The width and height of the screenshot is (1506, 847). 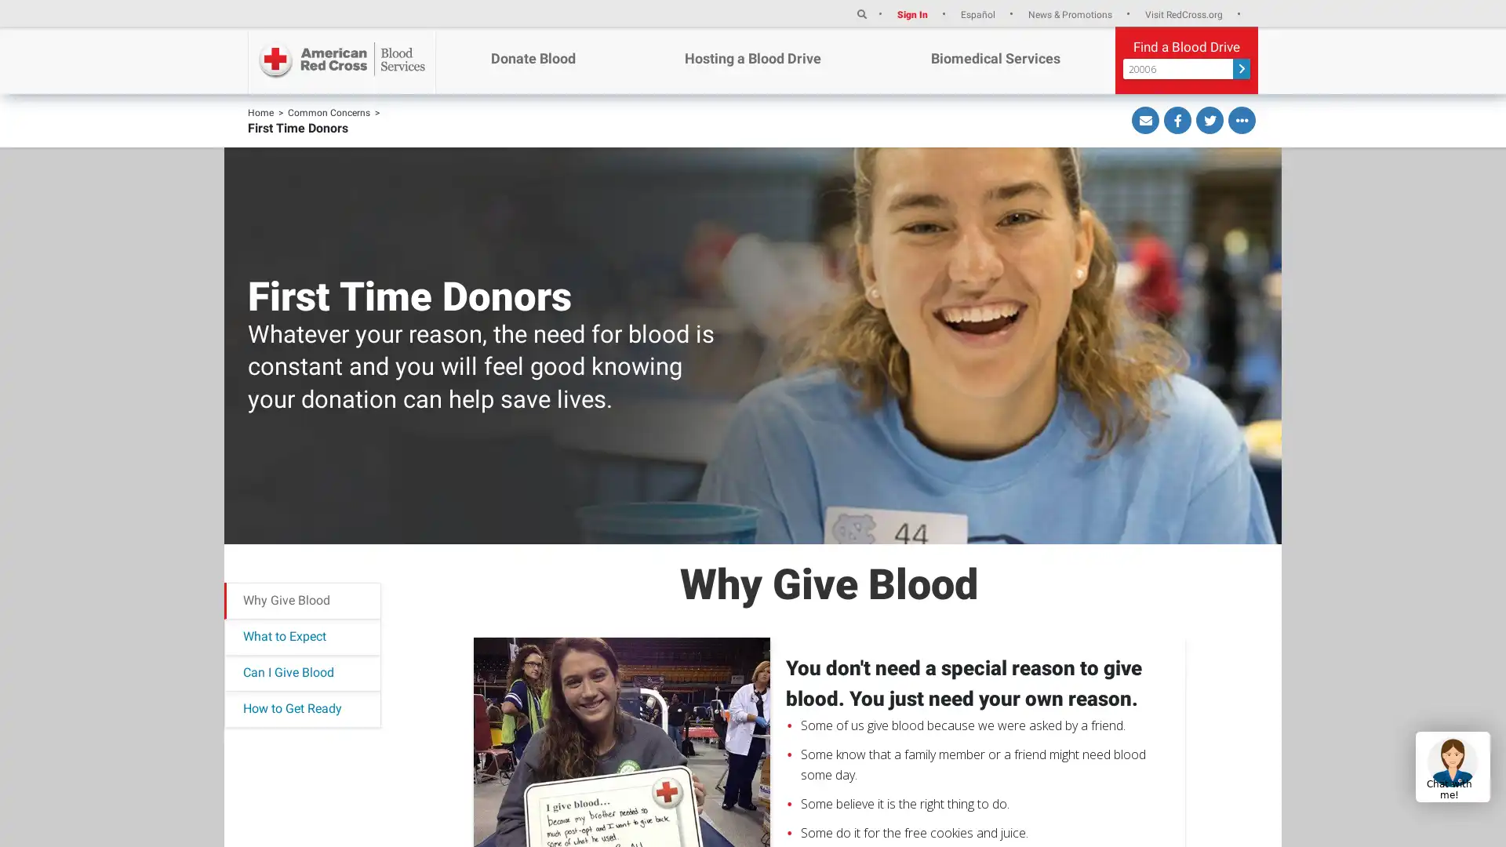 What do you see at coordinates (1241, 119) in the screenshot?
I see `Toggle other share options` at bounding box center [1241, 119].